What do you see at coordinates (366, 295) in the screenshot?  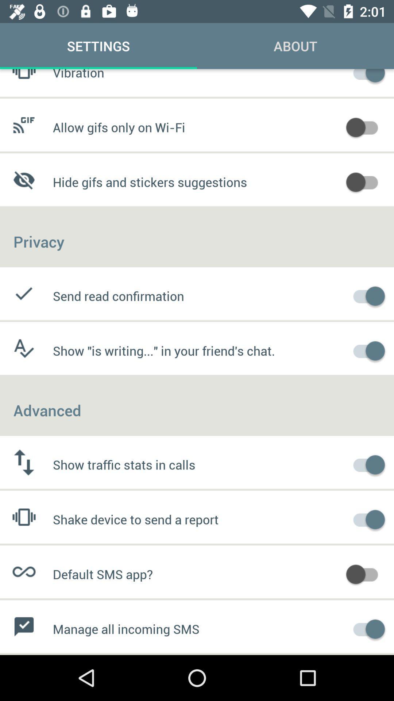 I see `send read confirmation option` at bounding box center [366, 295].